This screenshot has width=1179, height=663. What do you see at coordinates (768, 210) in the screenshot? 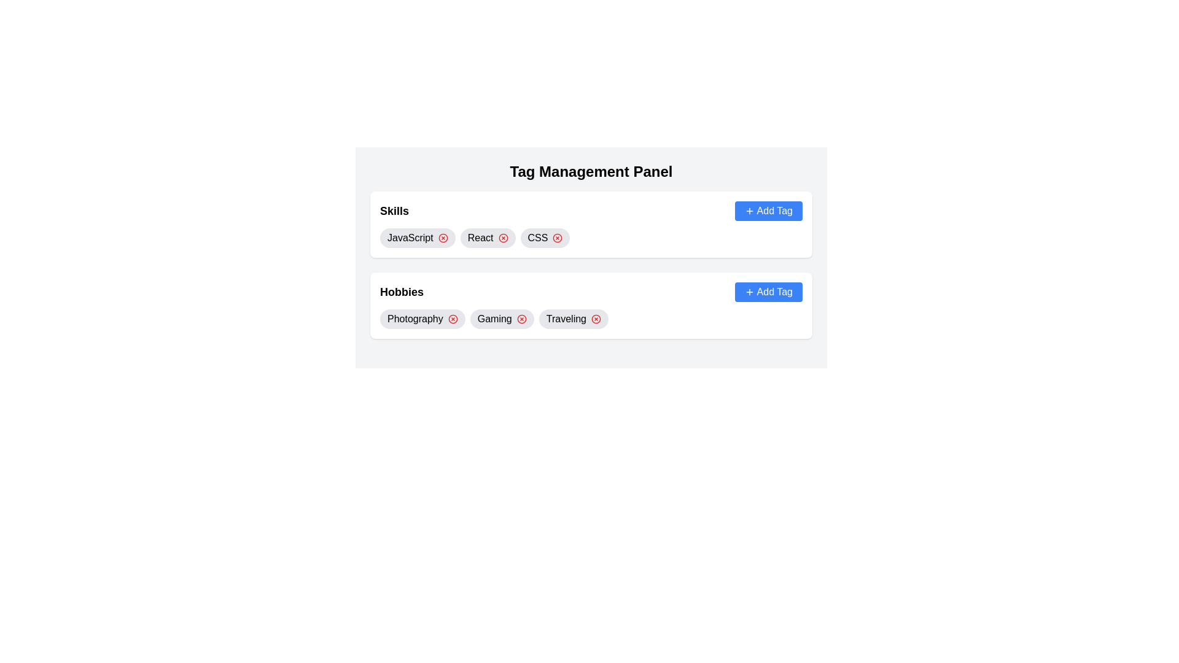
I see `the blue rectangular button labeled '+ Add Tag' located at the top-right corner of the 'Skills' section` at bounding box center [768, 210].